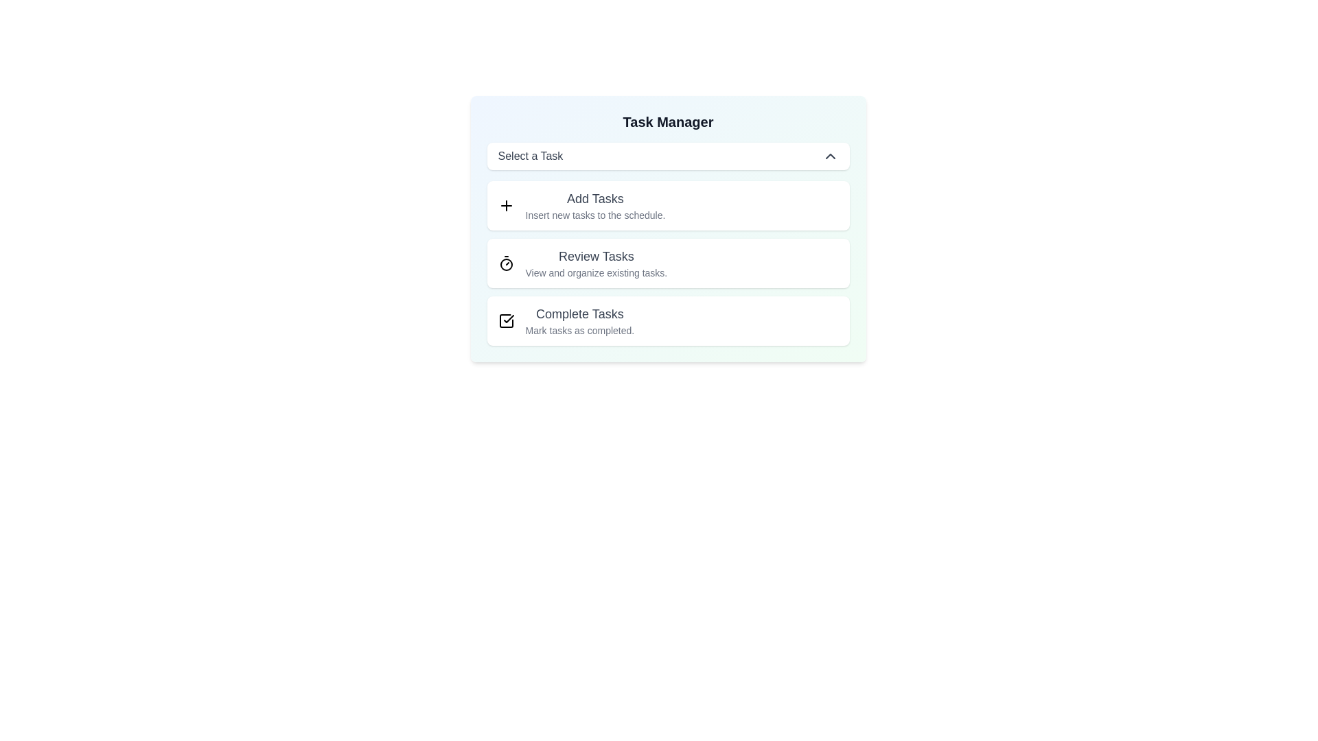 Image resolution: width=1318 pixels, height=741 pixels. Describe the element at coordinates (505, 206) in the screenshot. I see `the option Add Tasks from the dropdown list` at that location.